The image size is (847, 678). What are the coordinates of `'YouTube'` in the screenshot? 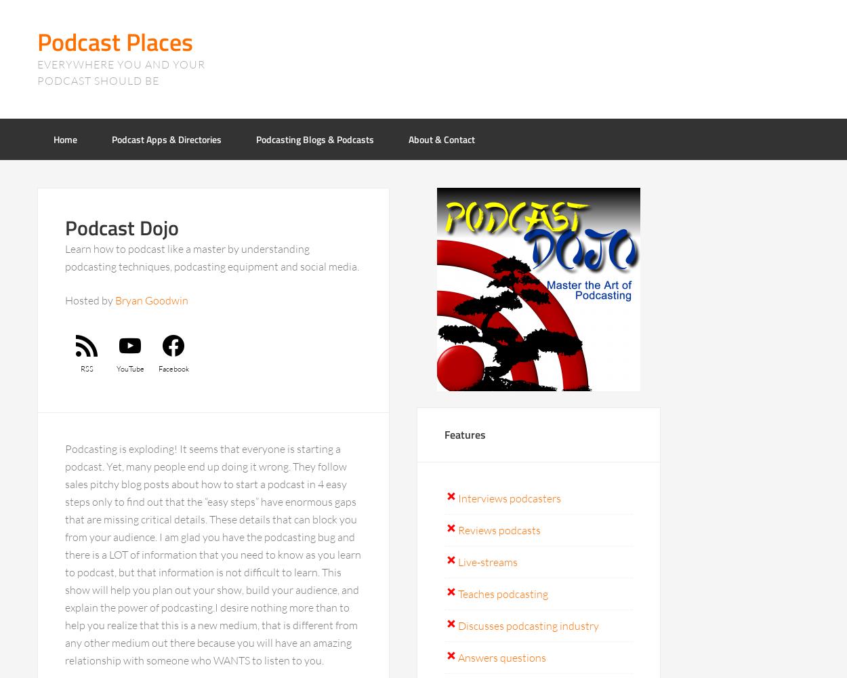 It's located at (129, 369).